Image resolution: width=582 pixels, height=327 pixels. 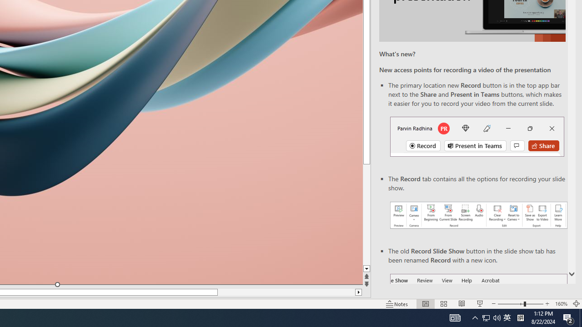 What do you see at coordinates (561, 304) in the screenshot?
I see `'Zoom 160%'` at bounding box center [561, 304].